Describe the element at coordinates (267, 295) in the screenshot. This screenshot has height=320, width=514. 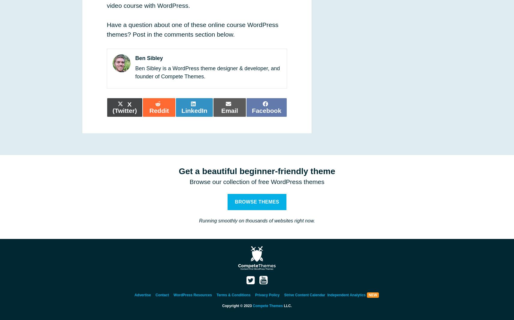
I see `'Privacy Policy'` at that location.